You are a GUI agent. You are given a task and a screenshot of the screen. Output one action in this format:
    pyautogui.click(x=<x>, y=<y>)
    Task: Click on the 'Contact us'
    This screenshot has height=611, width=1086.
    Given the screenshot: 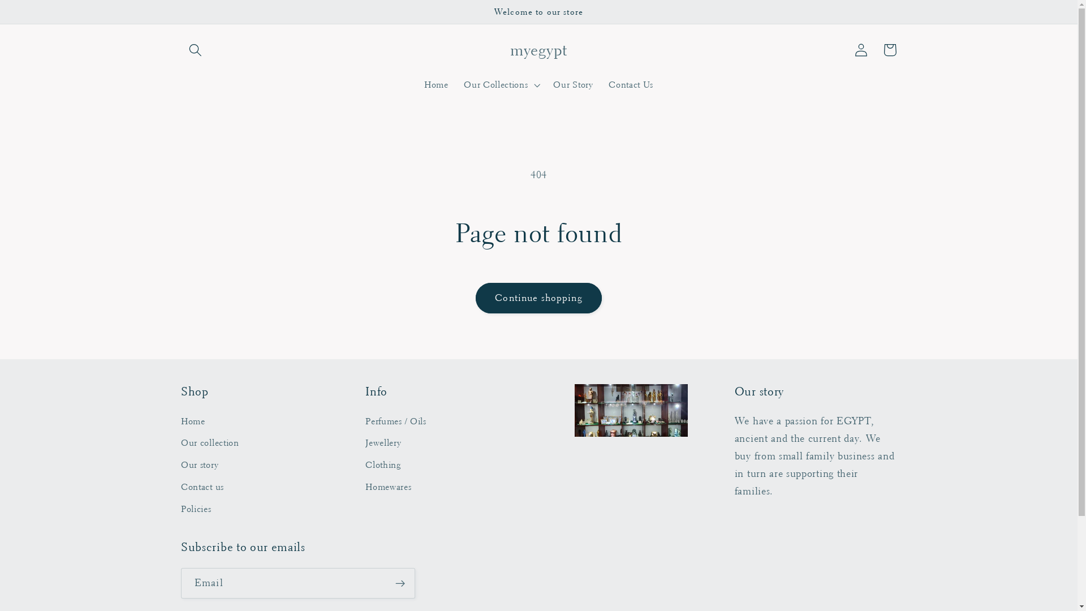 What is the action you would take?
    pyautogui.click(x=181, y=487)
    